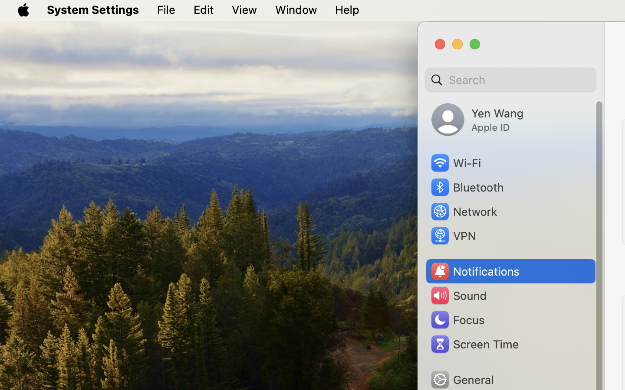 The image size is (625, 390). What do you see at coordinates (457, 319) in the screenshot?
I see `'Focus'` at bounding box center [457, 319].